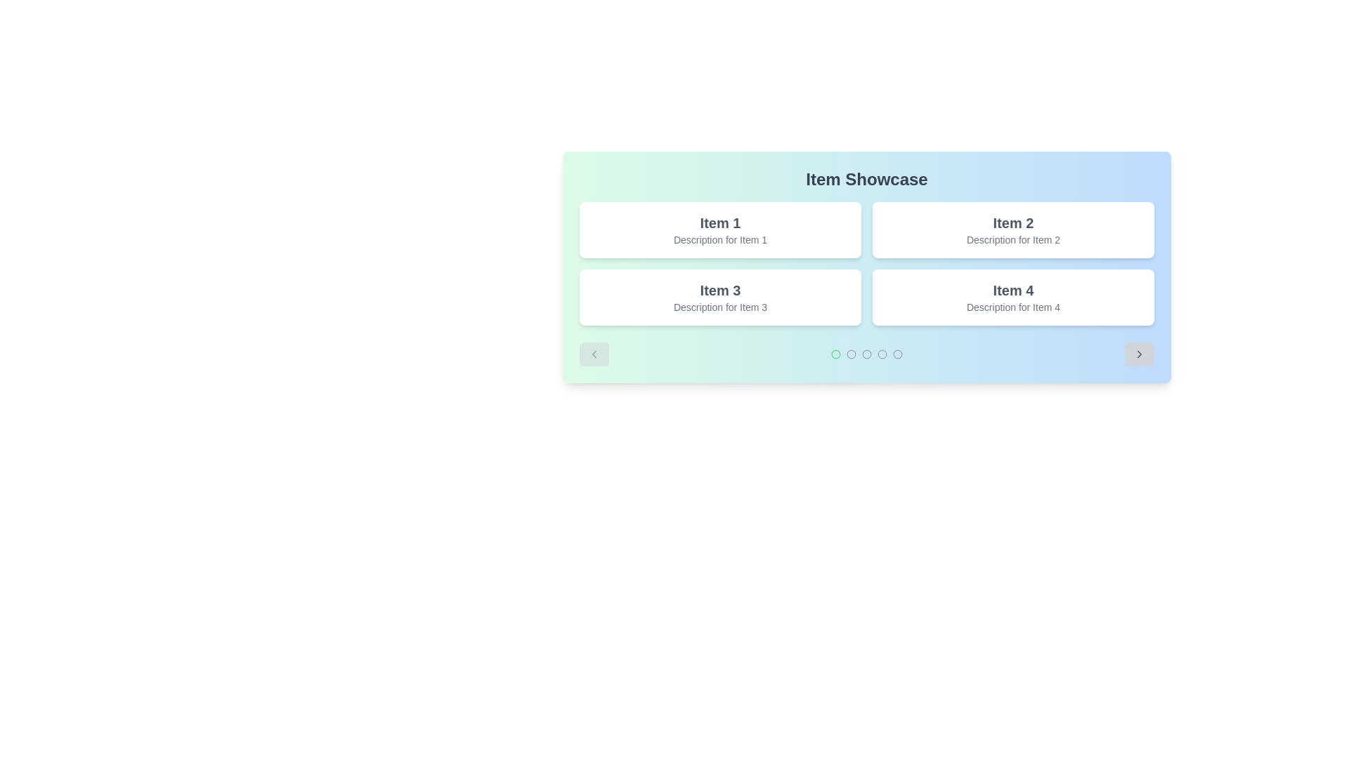 This screenshot has width=1349, height=758. I want to click on the circular icon with a green border that stands out among the gray circles below the 'Item Showcase' section, so click(836, 354).